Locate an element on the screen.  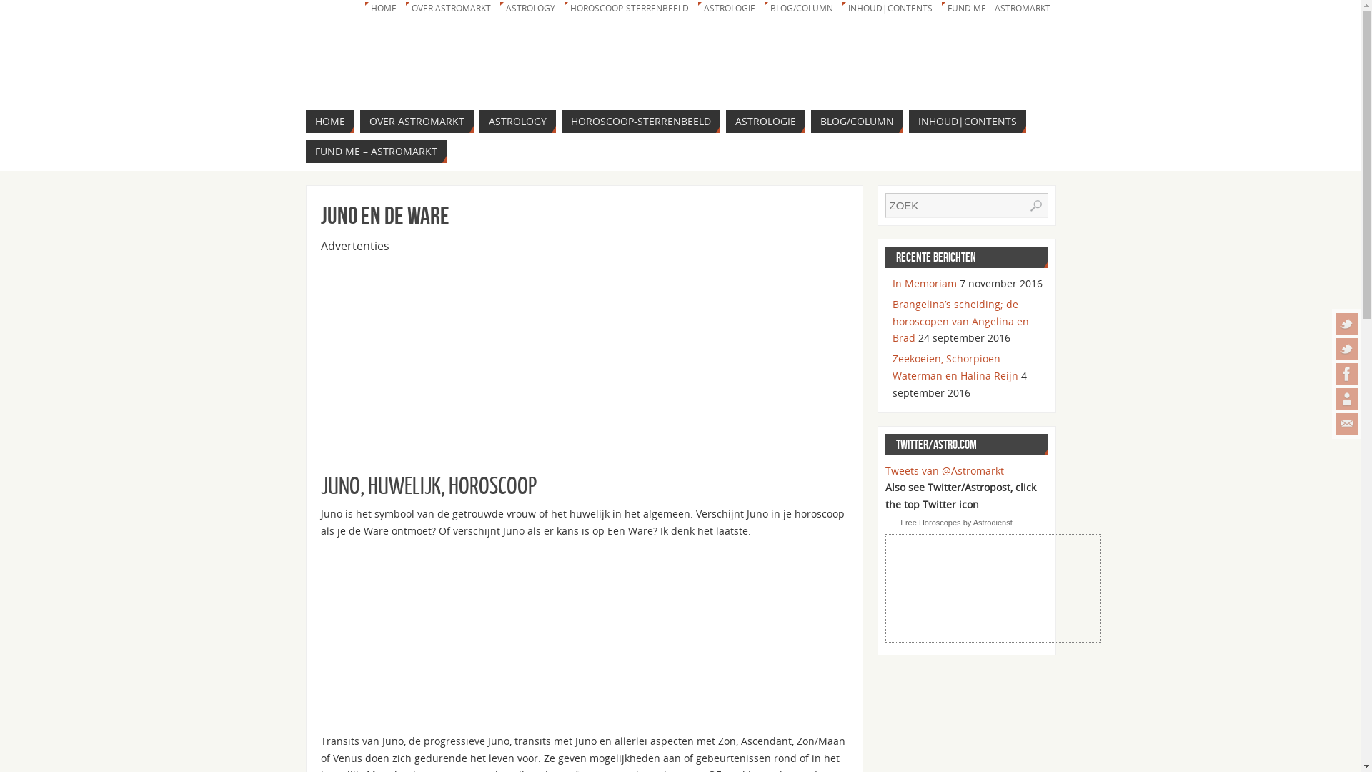
'Facebook/Astromarkt' is located at coordinates (1346, 373).